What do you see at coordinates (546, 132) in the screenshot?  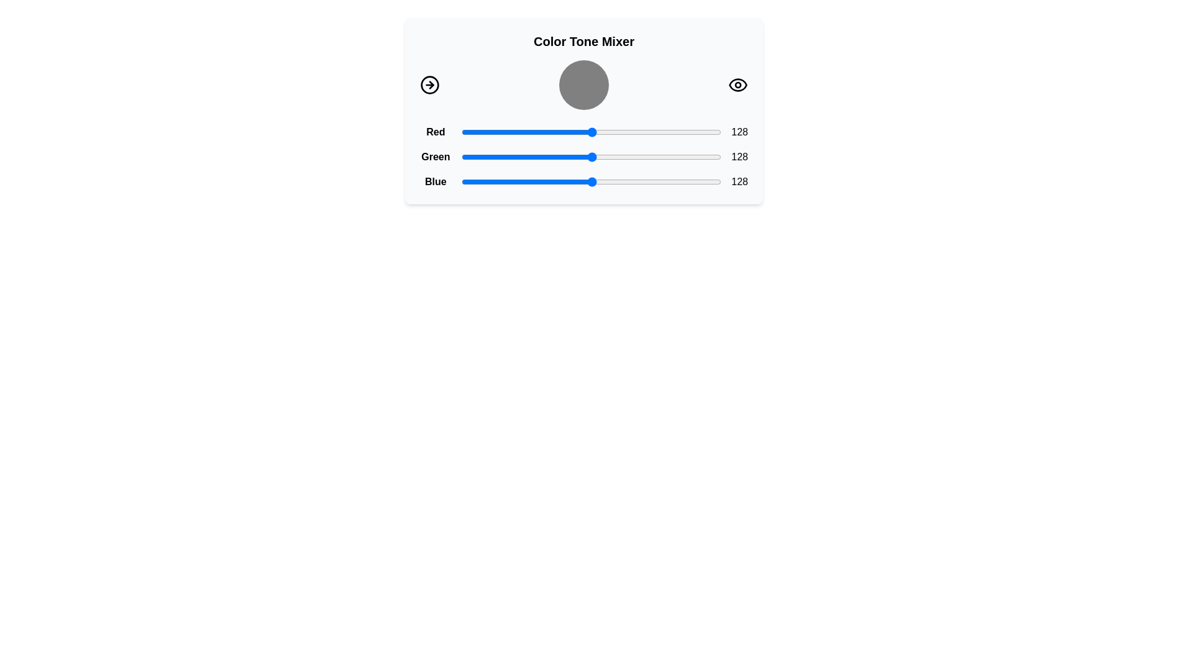 I see `the red component` at bounding box center [546, 132].